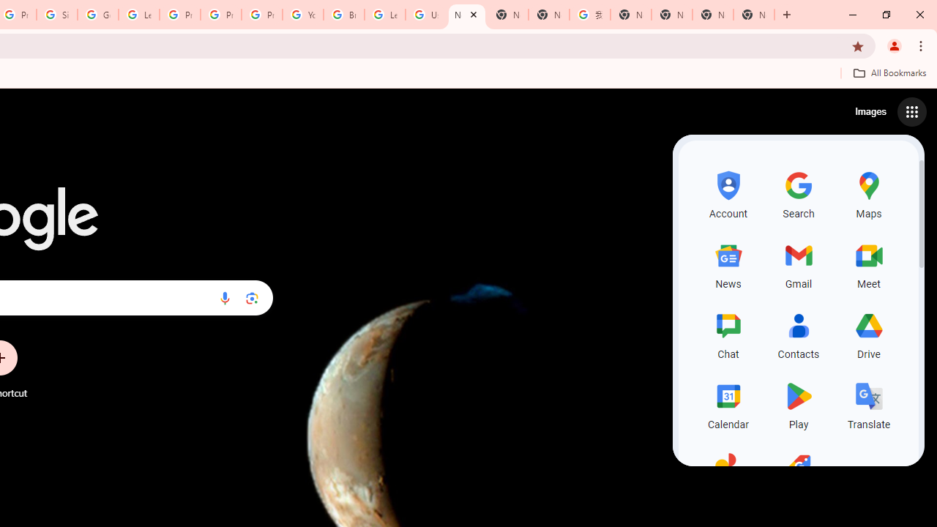 This screenshot has width=937, height=527. Describe the element at coordinates (728, 263) in the screenshot. I see `'News, row 2 of 5 and column 1 of 3 in the first section'` at that location.